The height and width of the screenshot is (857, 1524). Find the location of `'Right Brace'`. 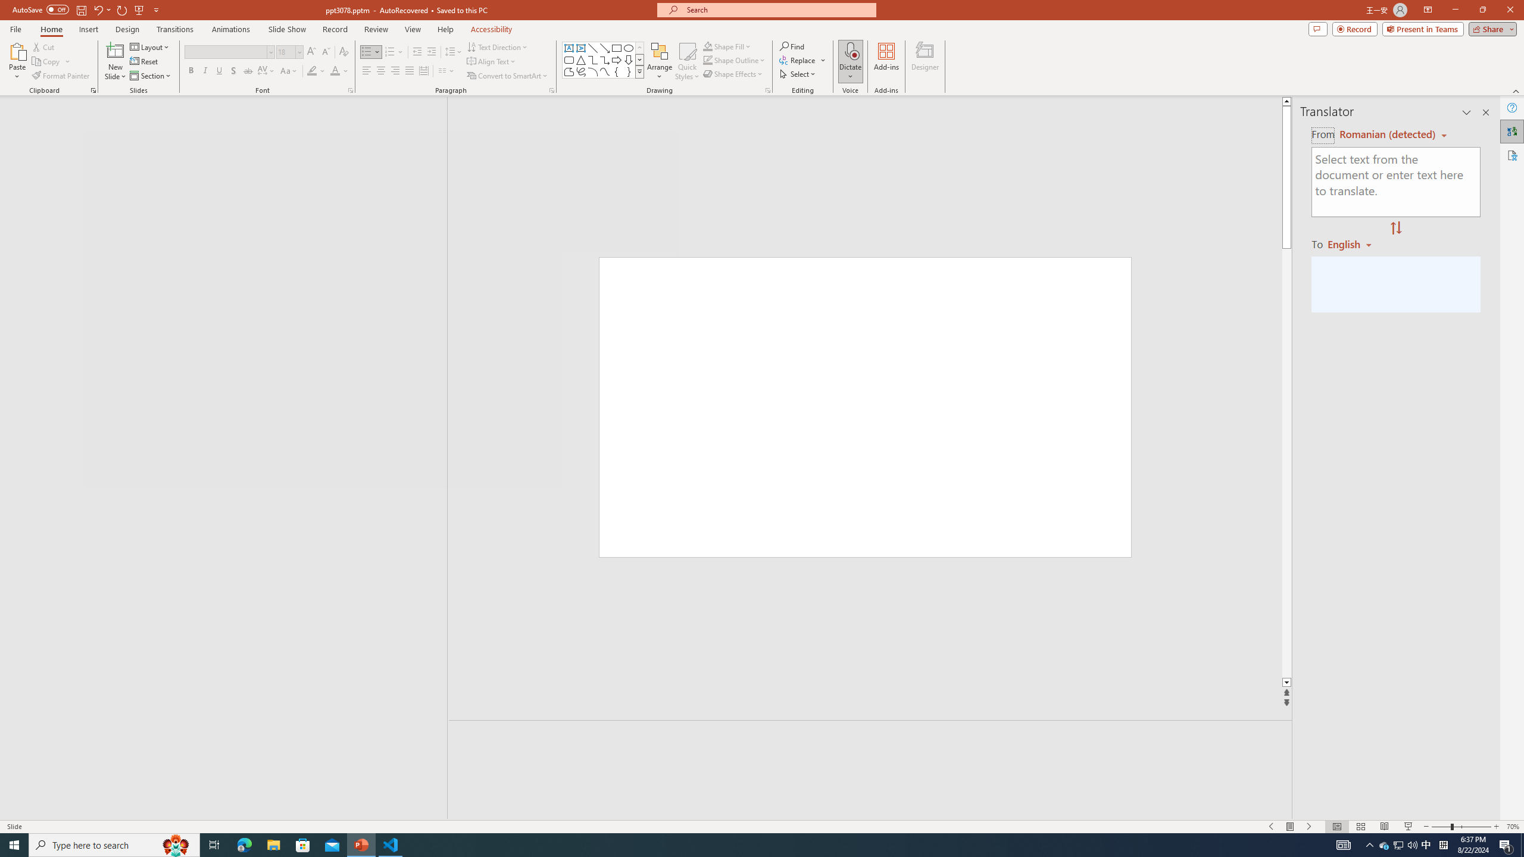

'Right Brace' is located at coordinates (628, 71).